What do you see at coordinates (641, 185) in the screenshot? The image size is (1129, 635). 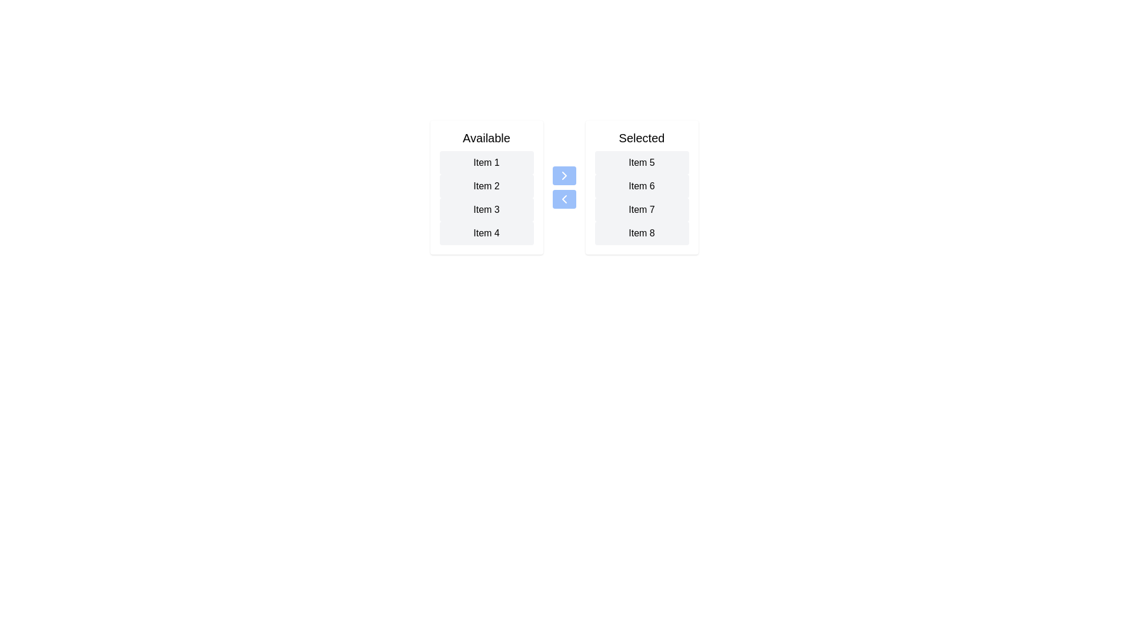 I see `the second item in the 'Selected' column of the list, which is currently selected and located between 'Item 5' and 'Item 7'` at bounding box center [641, 185].